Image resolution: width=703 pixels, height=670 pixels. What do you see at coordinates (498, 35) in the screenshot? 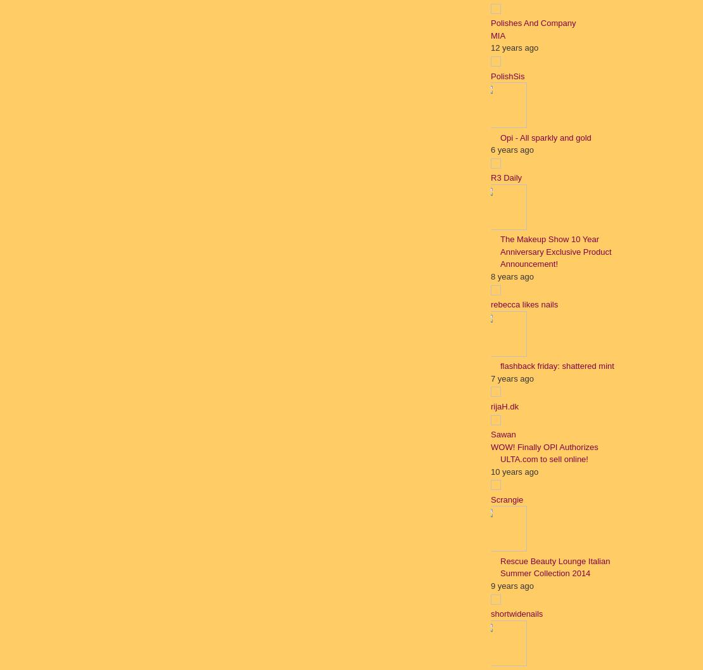
I see `'MIA'` at bounding box center [498, 35].